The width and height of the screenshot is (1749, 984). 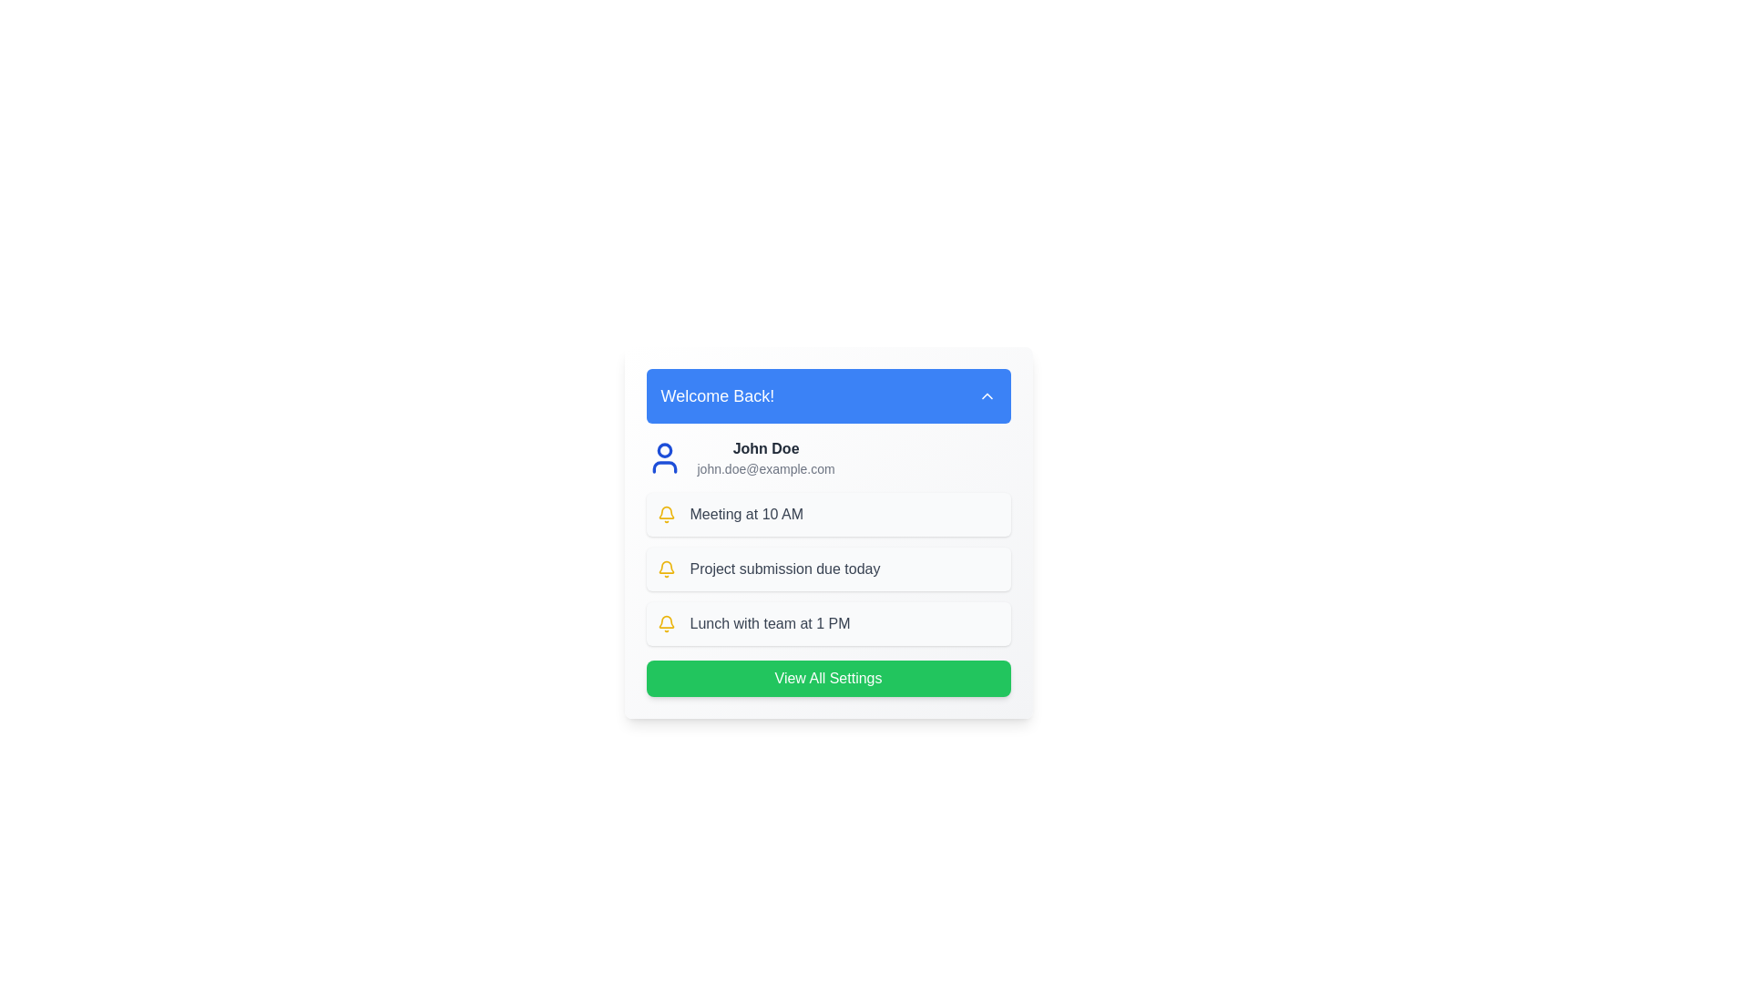 I want to click on the 'Welcome Back!' button to toggle the dropdown menu, so click(x=827, y=395).